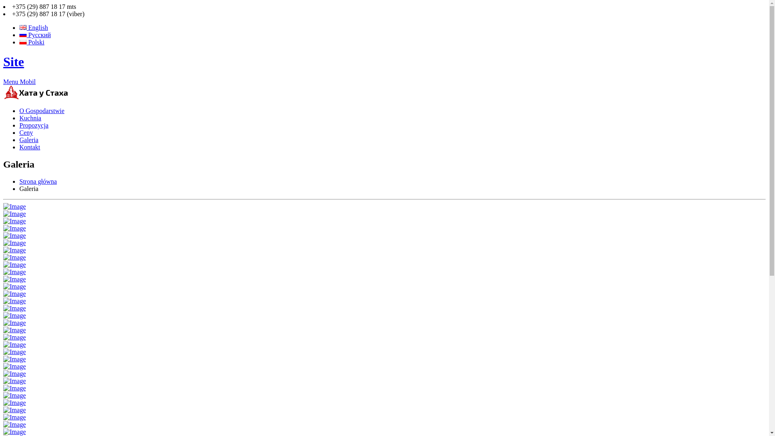  What do you see at coordinates (19, 82) in the screenshot?
I see `'Menu Mobil'` at bounding box center [19, 82].